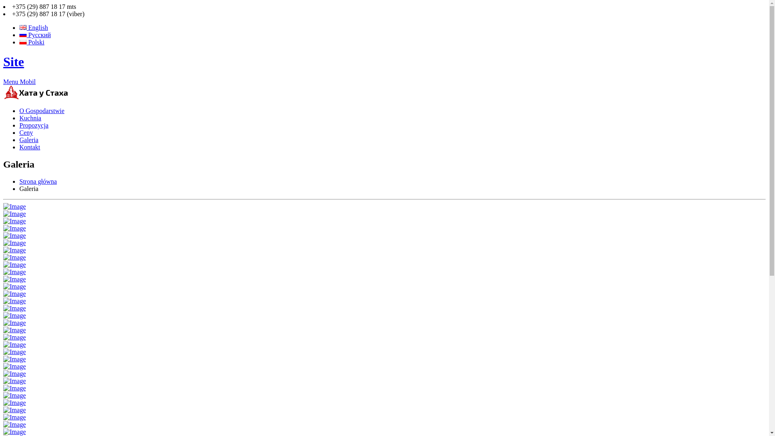  What do you see at coordinates (19, 82) in the screenshot?
I see `'Menu Mobil'` at bounding box center [19, 82].